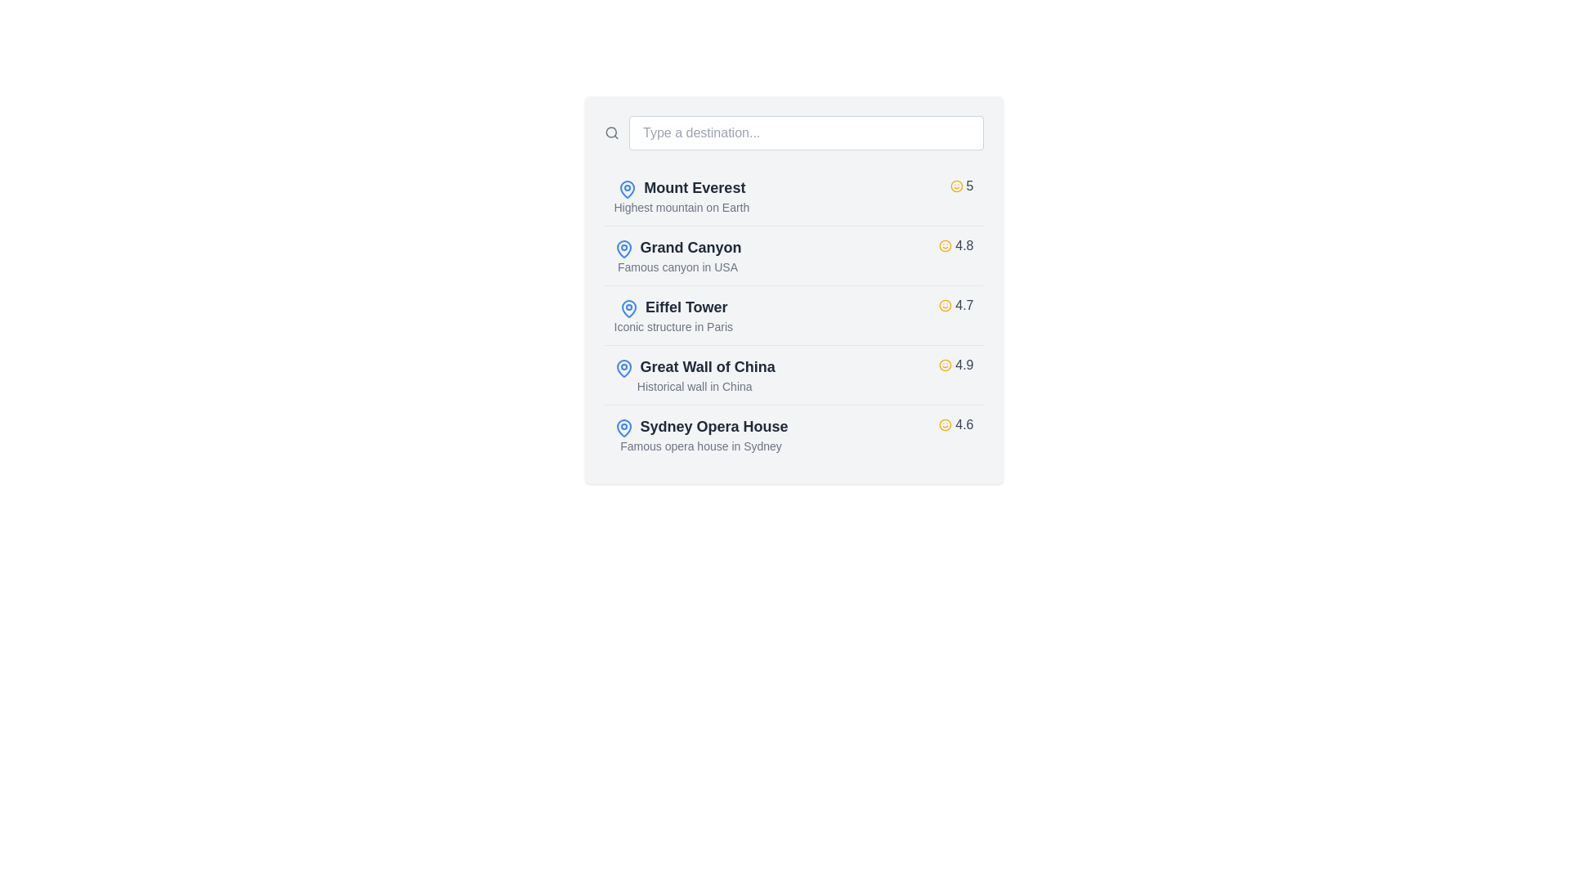 Image resolution: width=1569 pixels, height=883 pixels. Describe the element at coordinates (793, 315) in the screenshot. I see `the third list item displaying information about the Eiffel Tower` at that location.